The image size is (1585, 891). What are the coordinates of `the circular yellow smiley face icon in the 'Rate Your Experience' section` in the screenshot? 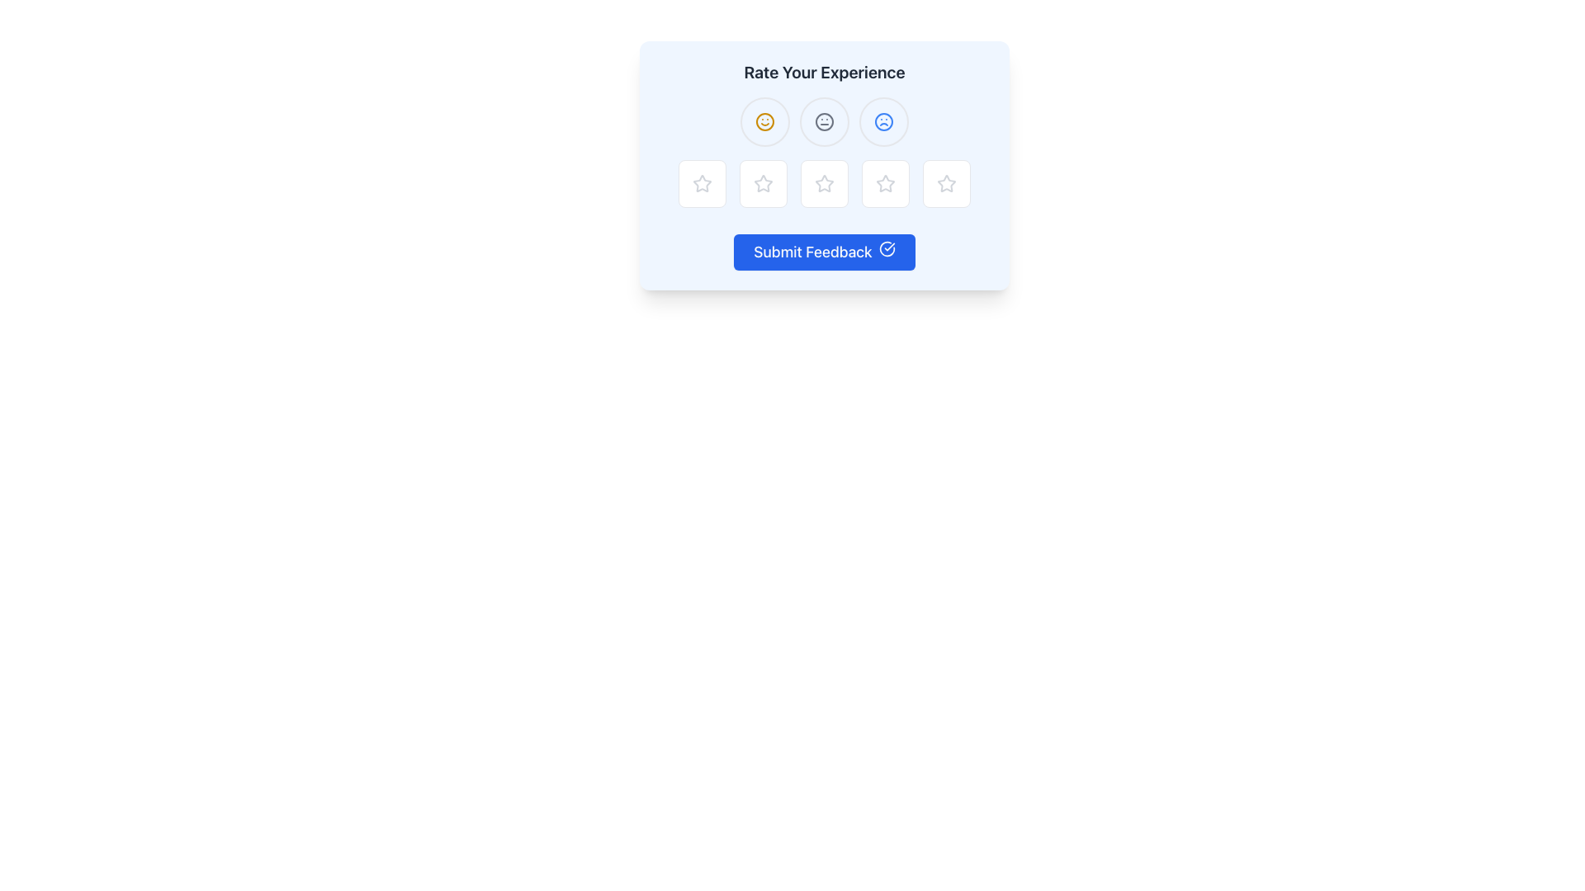 It's located at (764, 120).